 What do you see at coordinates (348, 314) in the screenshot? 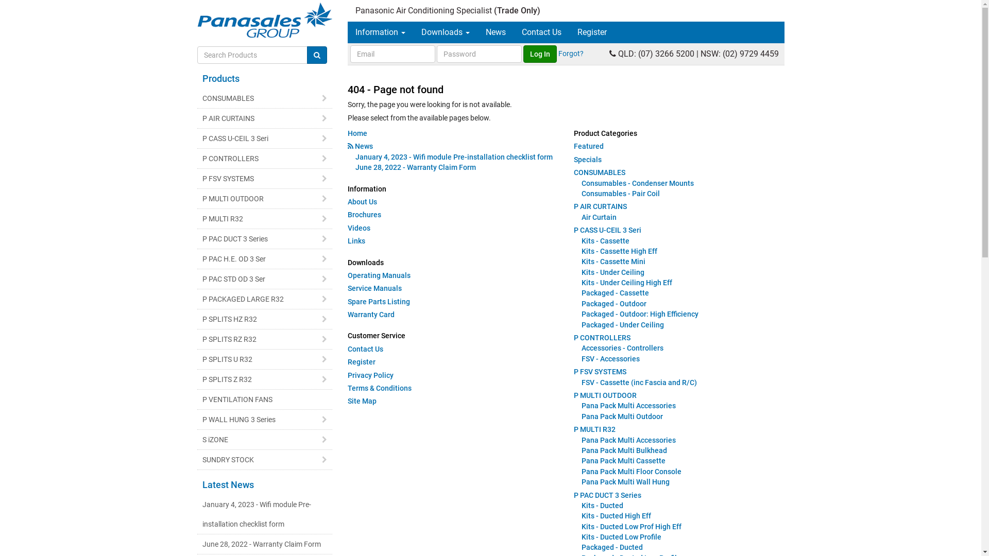
I see `'Warranty Card'` at bounding box center [348, 314].